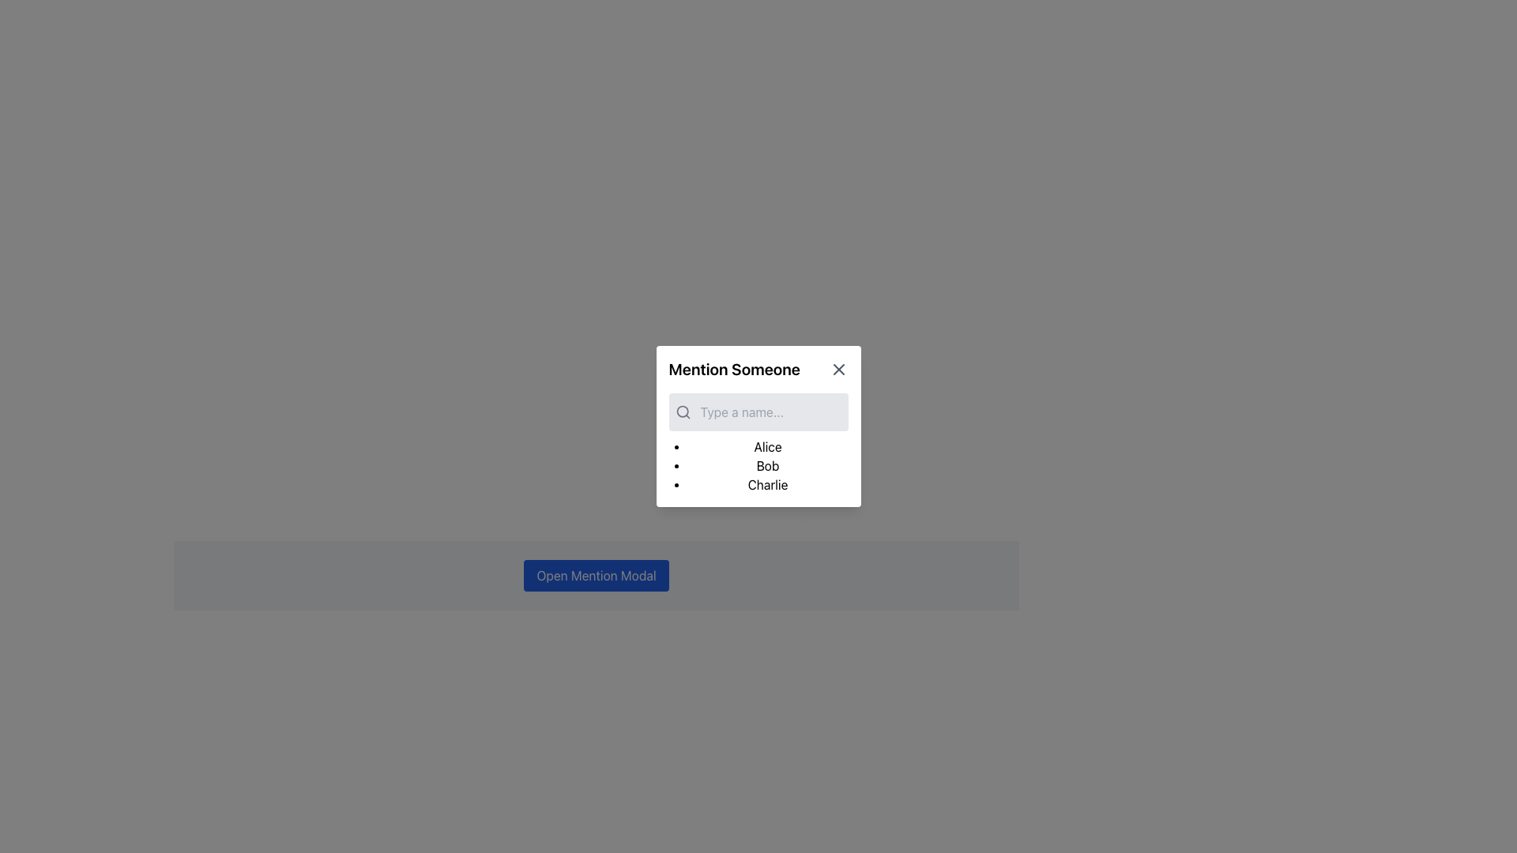 Image resolution: width=1517 pixels, height=853 pixels. I want to click on the selectable name option 'Alice' in the vertical list within the 'Mention Someone' modal, so click(767, 447).